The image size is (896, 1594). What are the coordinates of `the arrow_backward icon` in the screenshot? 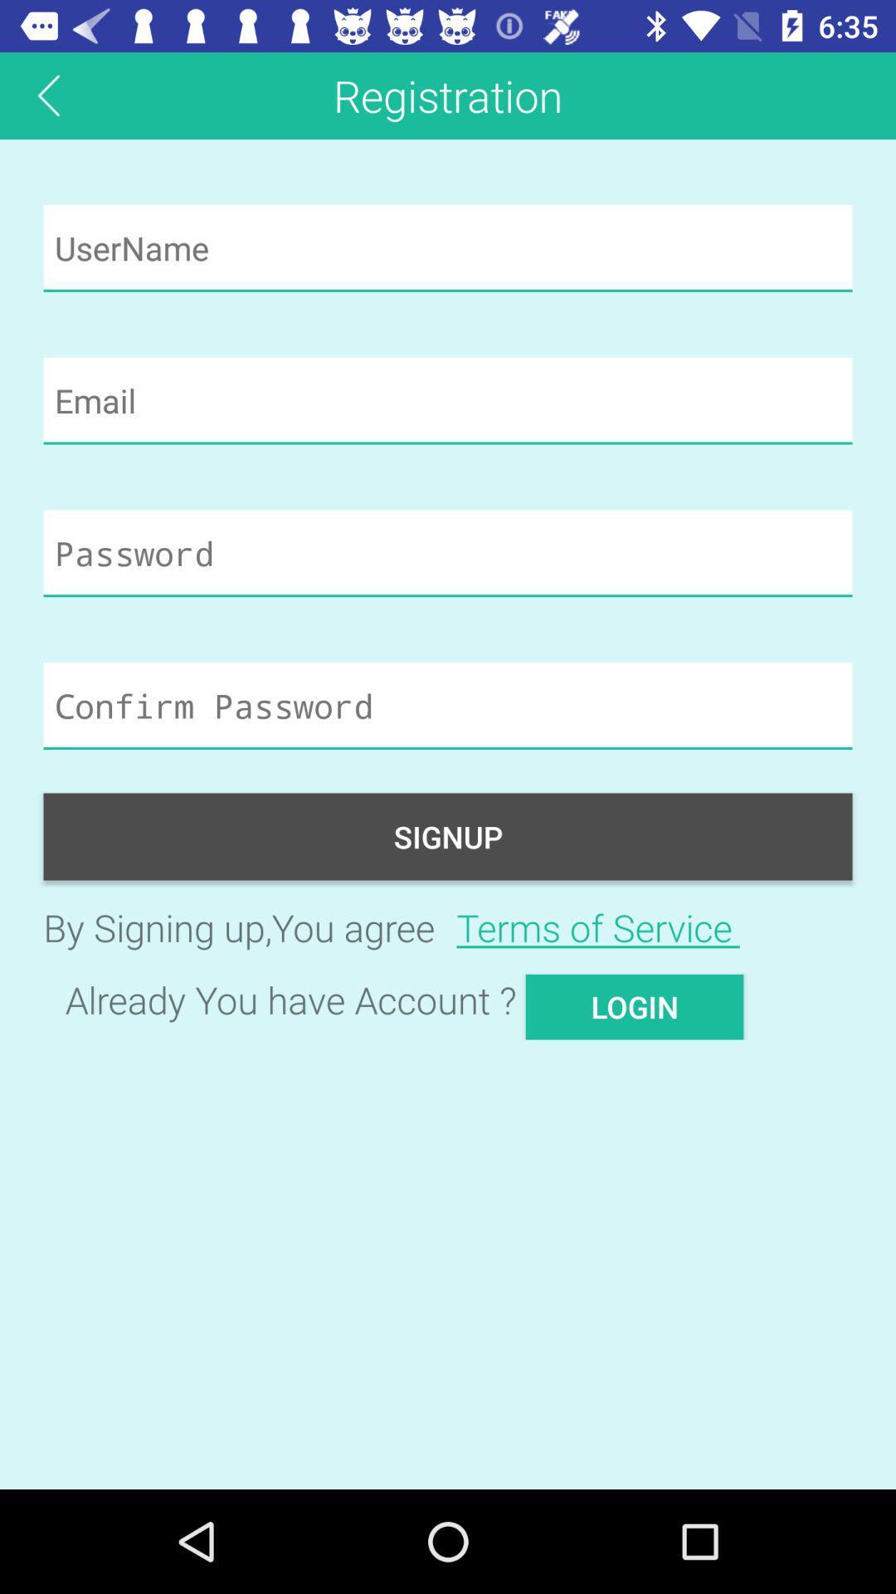 It's located at (48, 95).